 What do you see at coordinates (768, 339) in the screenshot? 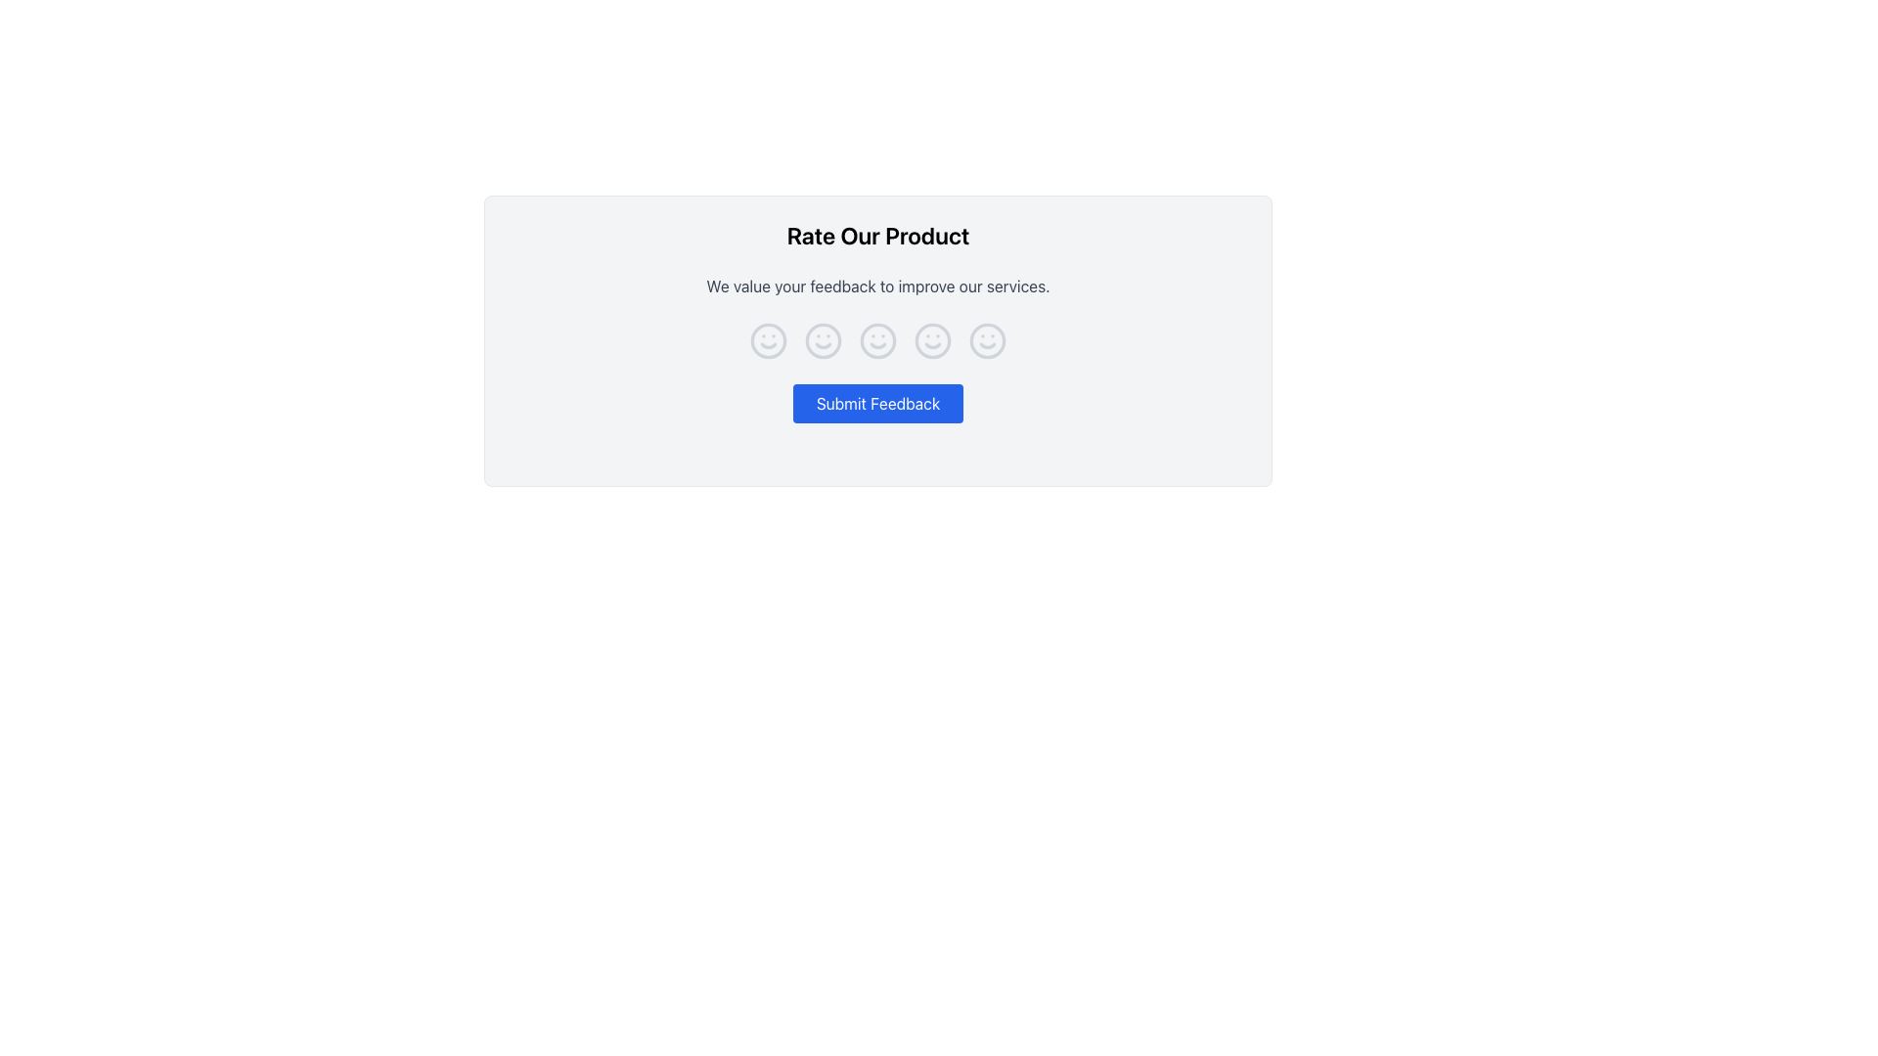
I see `the cursor over the Rating Icon` at bounding box center [768, 339].